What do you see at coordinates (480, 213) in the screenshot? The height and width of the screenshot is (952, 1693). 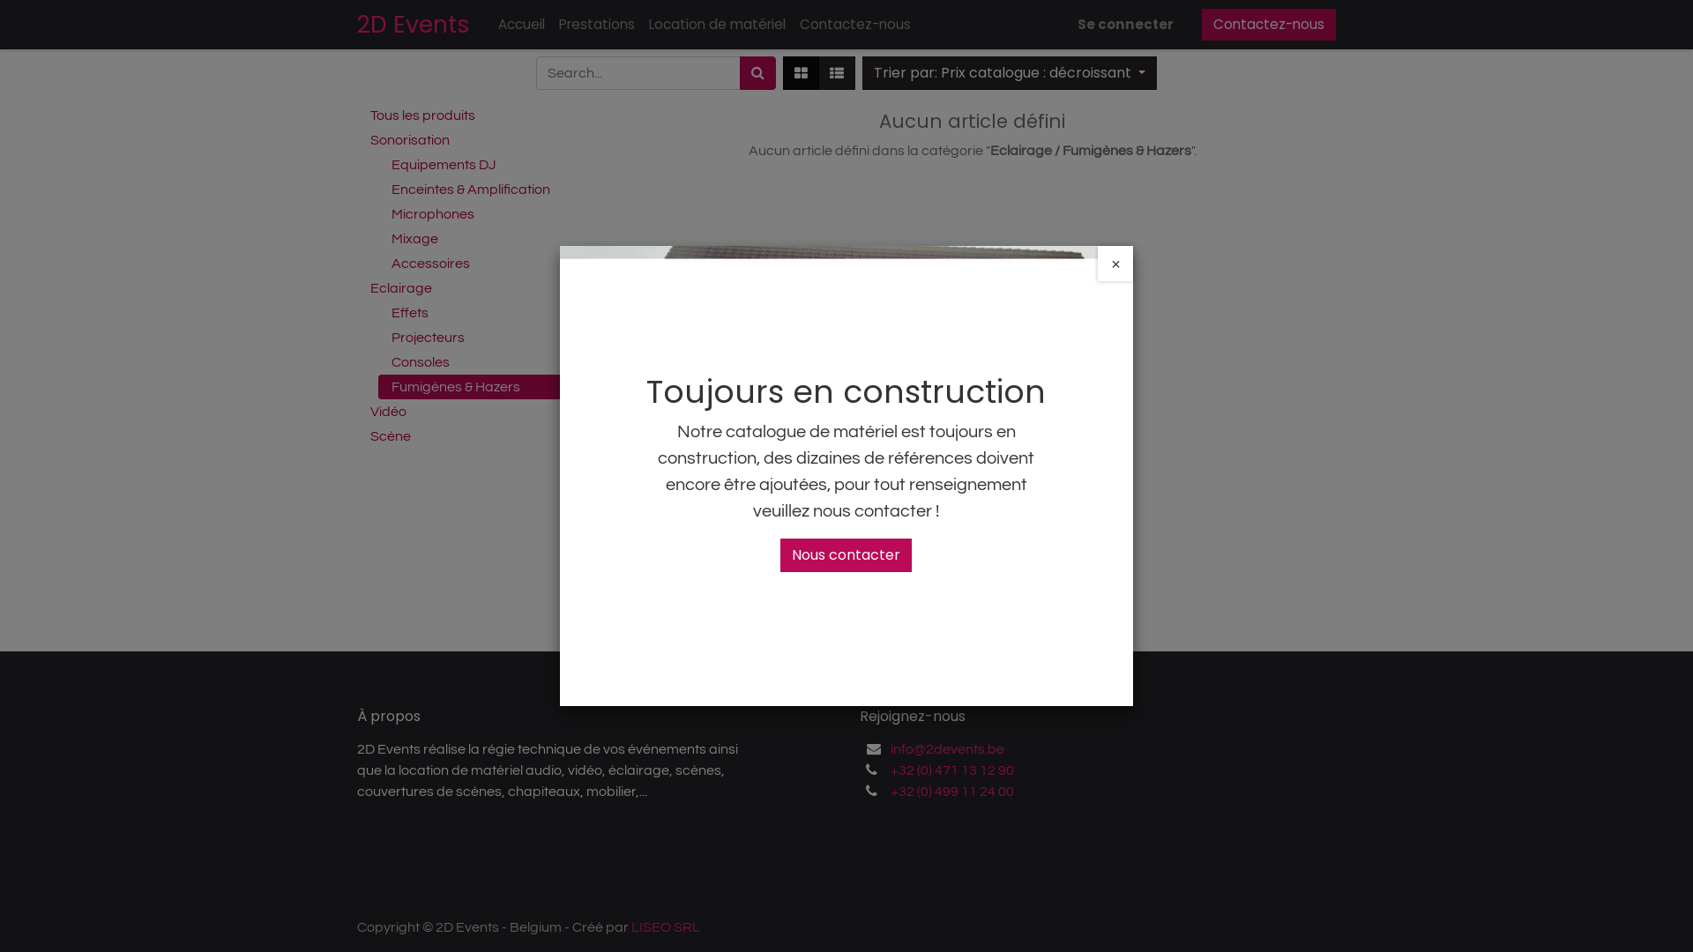 I see `'Microphones'` at bounding box center [480, 213].